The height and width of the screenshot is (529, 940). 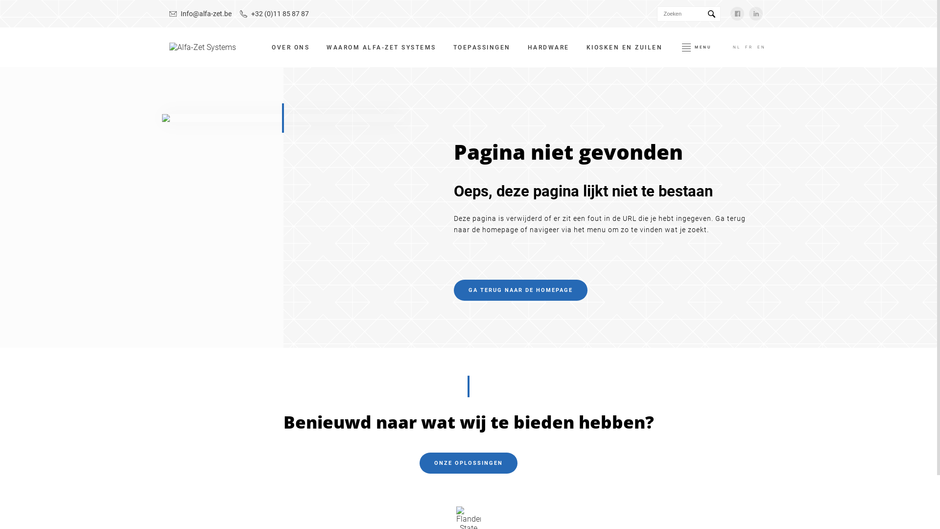 What do you see at coordinates (520, 289) in the screenshot?
I see `'GA TERUG NAAR DE HOMEPAGE'` at bounding box center [520, 289].